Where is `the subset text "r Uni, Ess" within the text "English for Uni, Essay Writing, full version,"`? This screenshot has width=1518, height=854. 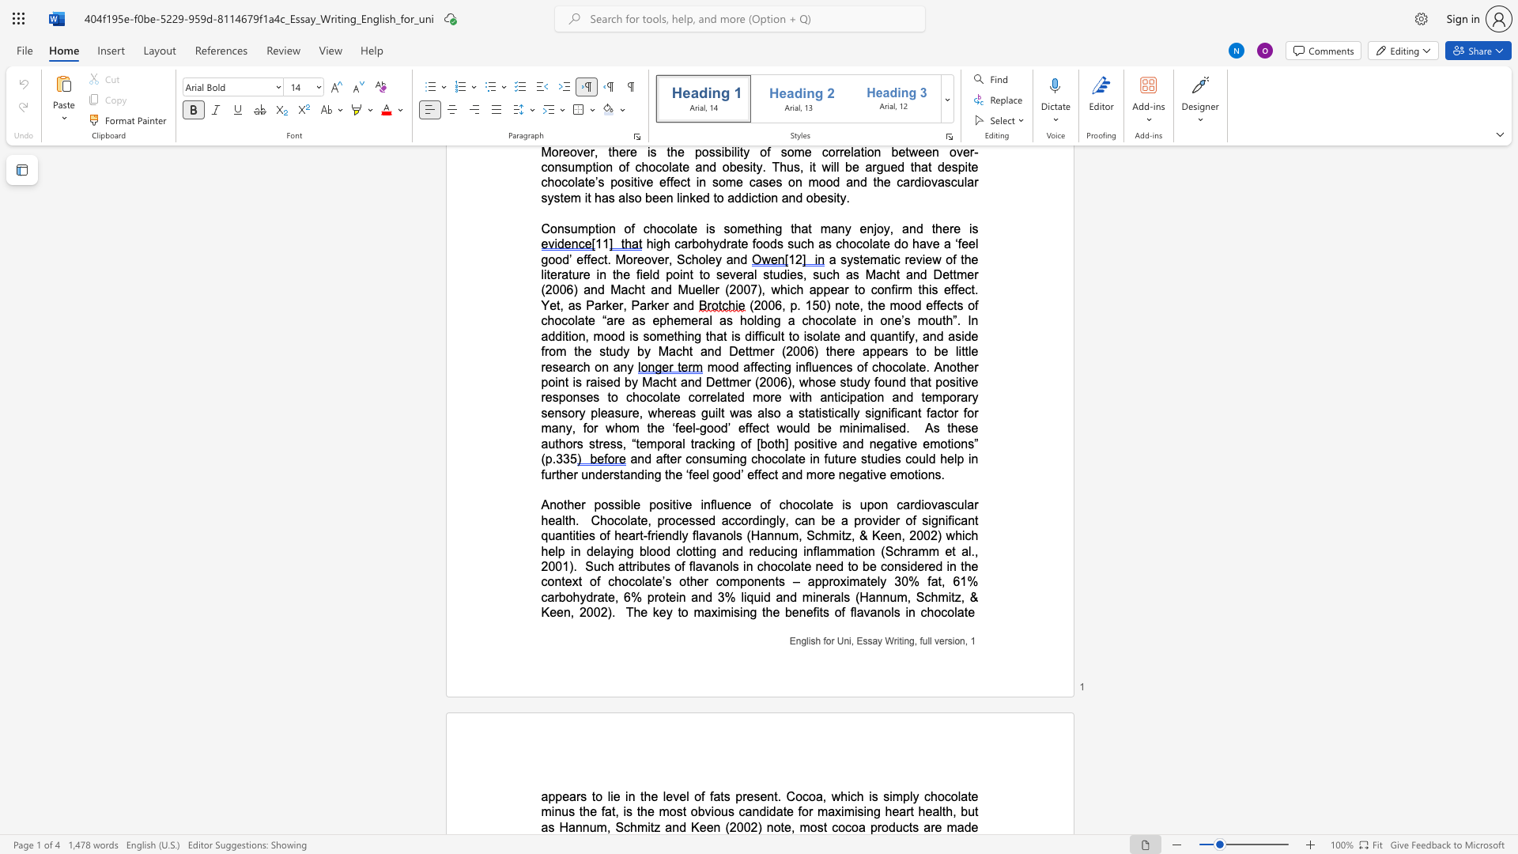 the subset text "r Uni, Ess" within the text "English for Uni, Essay Writing, full version," is located at coordinates (830, 640).